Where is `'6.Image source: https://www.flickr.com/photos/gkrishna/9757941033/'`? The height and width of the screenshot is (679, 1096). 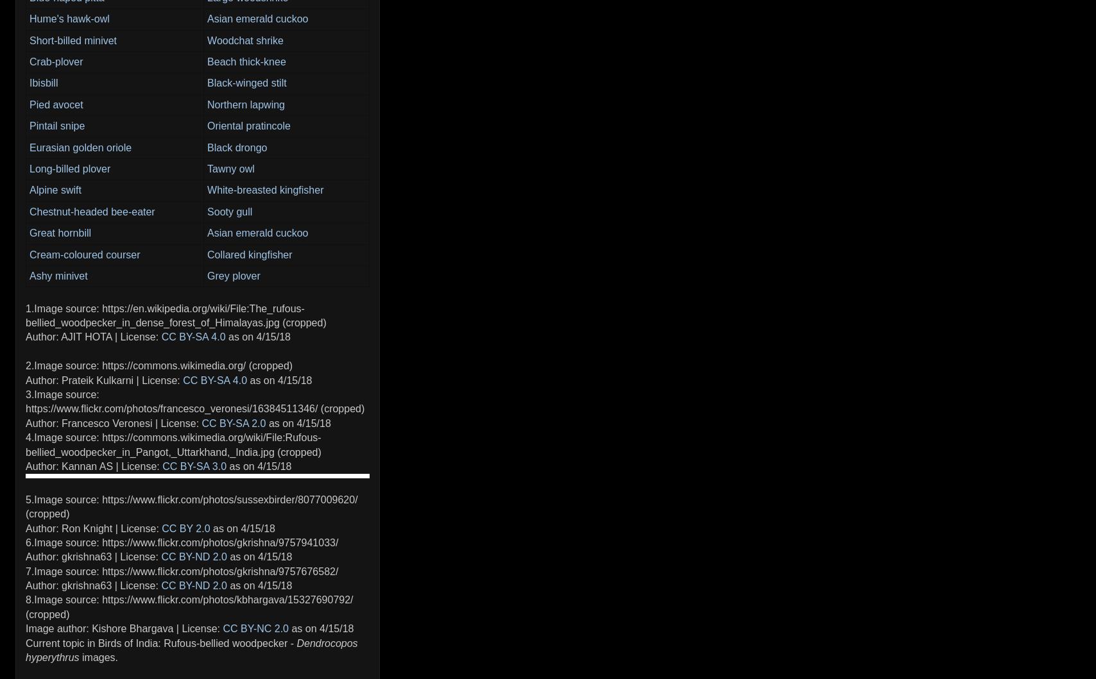
'6.Image source: https://www.flickr.com/photos/gkrishna/9757941033/' is located at coordinates (182, 541).